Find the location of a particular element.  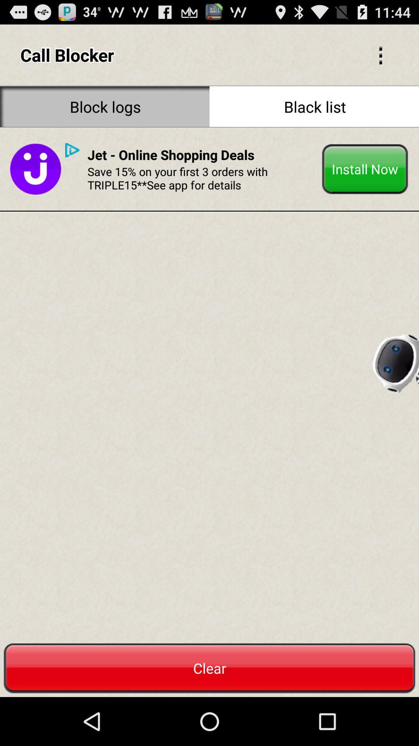

save 15 on icon is located at coordinates (201, 178).